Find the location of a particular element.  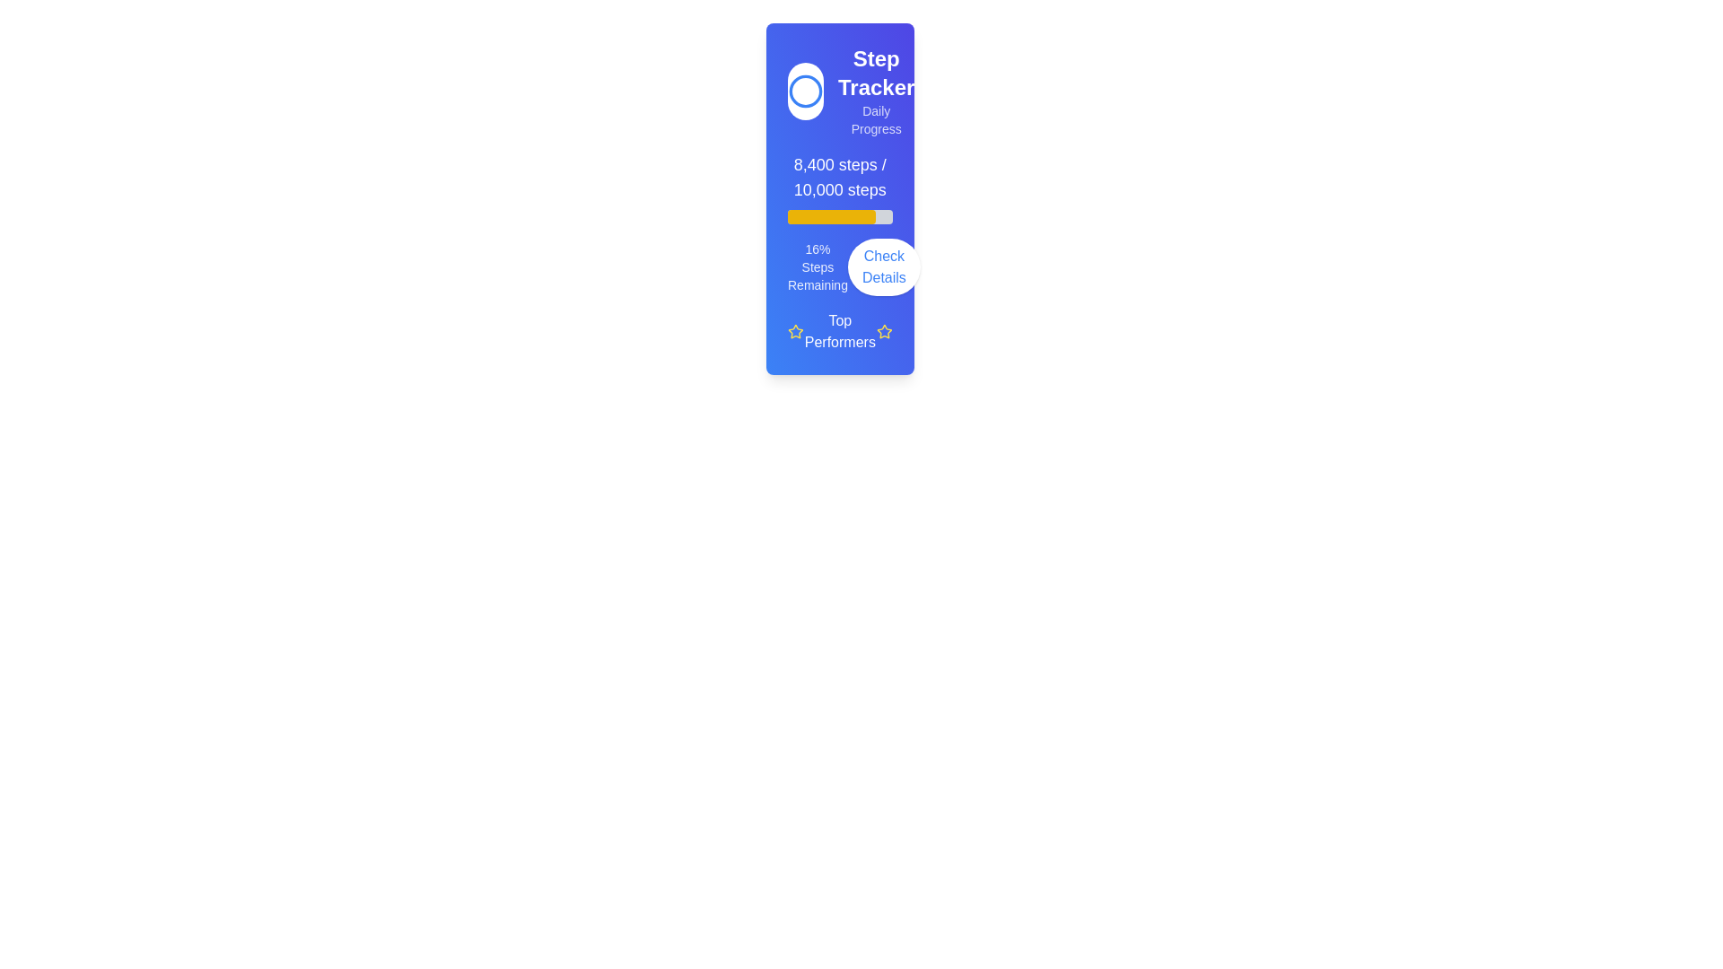

the yellow progress bar representing 84% progress in the step tracker is located at coordinates (830, 216).